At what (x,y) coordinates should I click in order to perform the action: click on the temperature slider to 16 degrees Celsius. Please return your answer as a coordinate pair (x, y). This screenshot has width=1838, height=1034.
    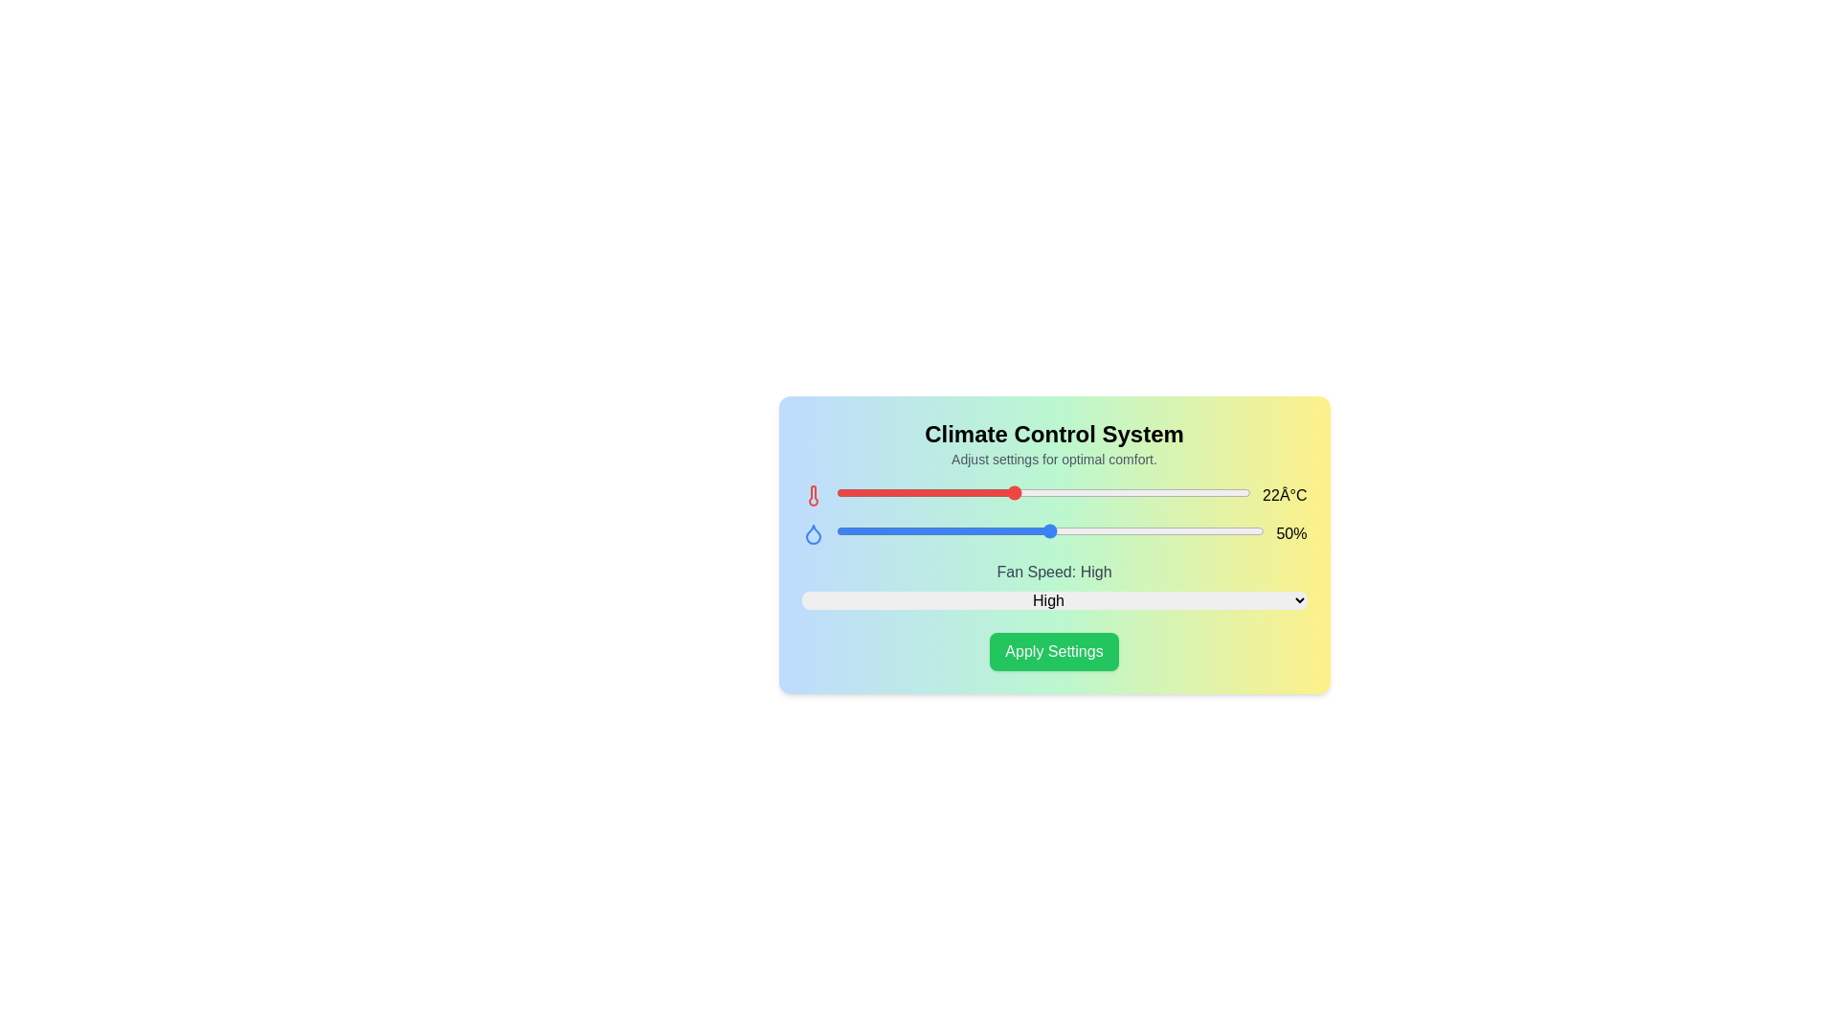
    Looking at the image, I should click on (836, 492).